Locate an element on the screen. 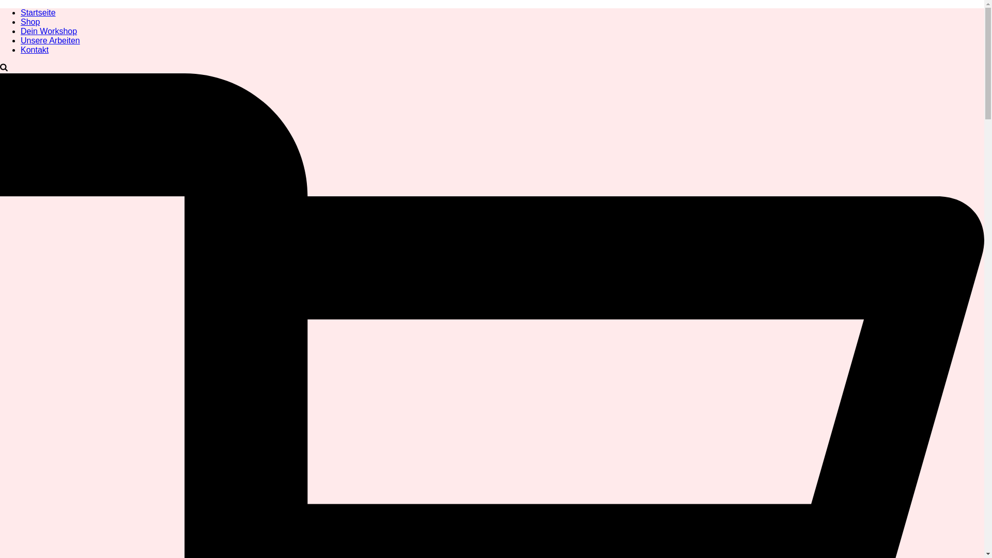 Image resolution: width=992 pixels, height=558 pixels. 'Startseite' is located at coordinates (38, 12).